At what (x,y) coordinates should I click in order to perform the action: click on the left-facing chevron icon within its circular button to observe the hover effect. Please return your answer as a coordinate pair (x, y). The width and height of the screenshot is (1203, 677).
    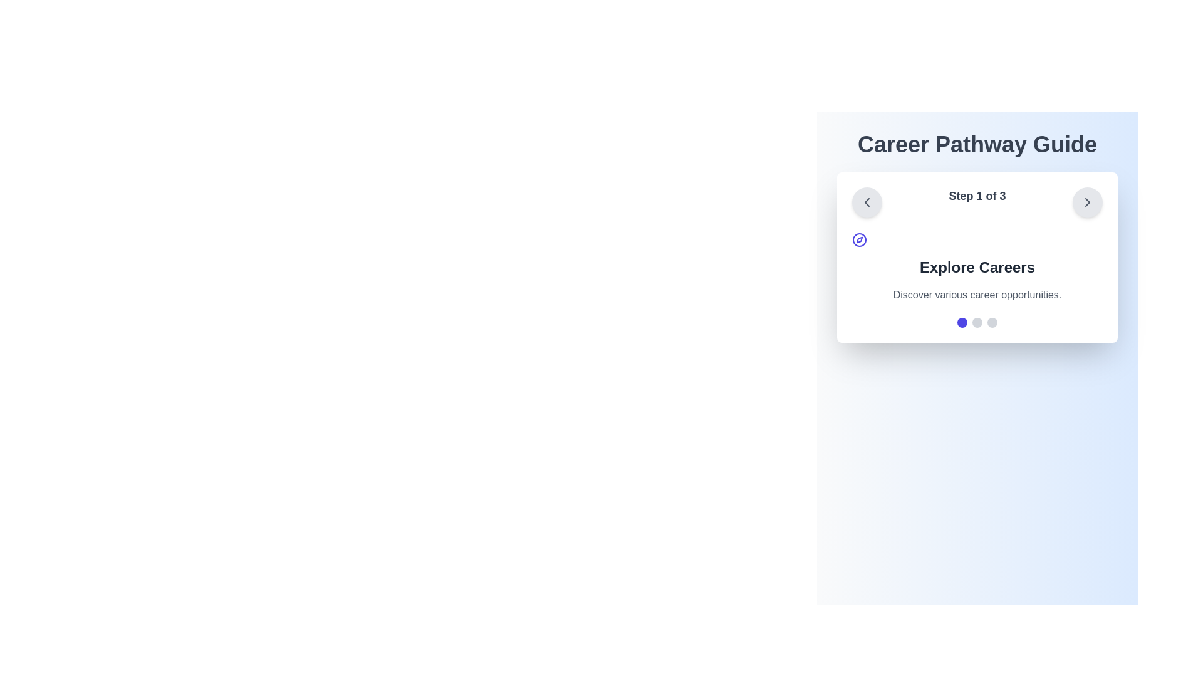
    Looking at the image, I should click on (866, 202).